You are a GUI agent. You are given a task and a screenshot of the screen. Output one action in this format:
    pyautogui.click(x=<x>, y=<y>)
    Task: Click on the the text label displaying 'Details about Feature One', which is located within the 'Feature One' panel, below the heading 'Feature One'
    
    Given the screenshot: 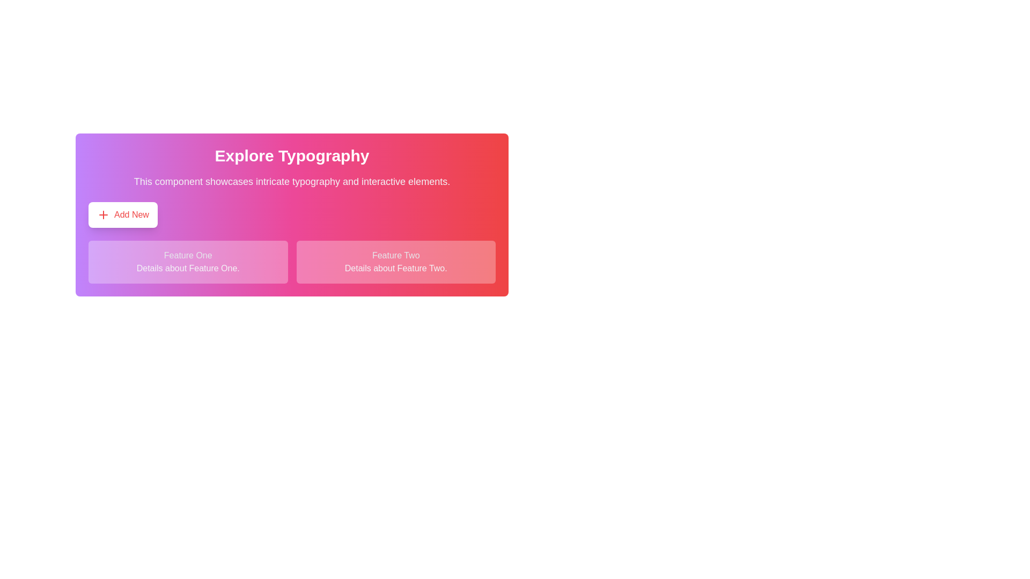 What is the action you would take?
    pyautogui.click(x=188, y=268)
    